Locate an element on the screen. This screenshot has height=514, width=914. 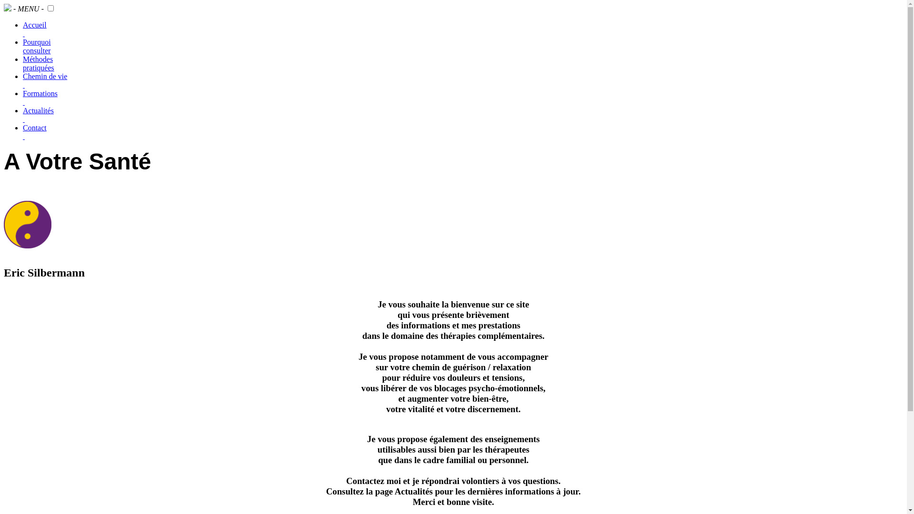
'Formations is located at coordinates (40, 98).